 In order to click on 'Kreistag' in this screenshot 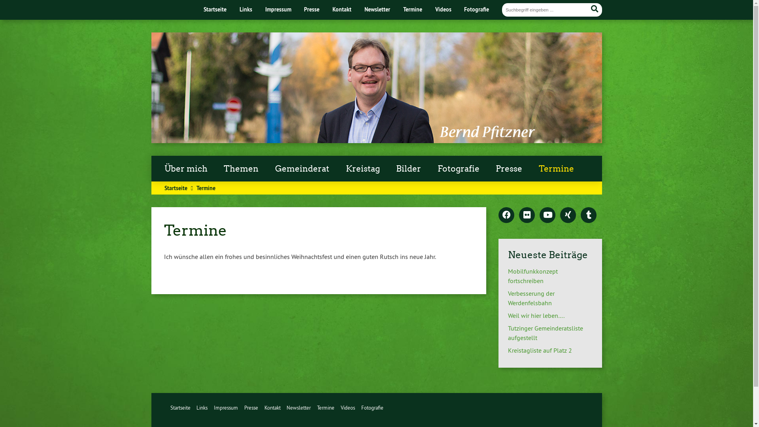, I will do `click(362, 168)`.